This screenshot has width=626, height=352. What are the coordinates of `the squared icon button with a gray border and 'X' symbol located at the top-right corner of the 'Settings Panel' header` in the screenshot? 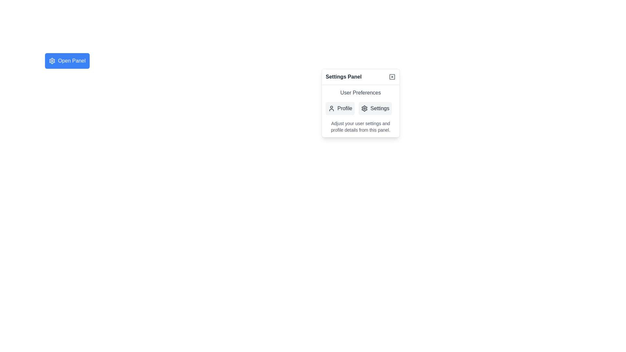 It's located at (392, 76).